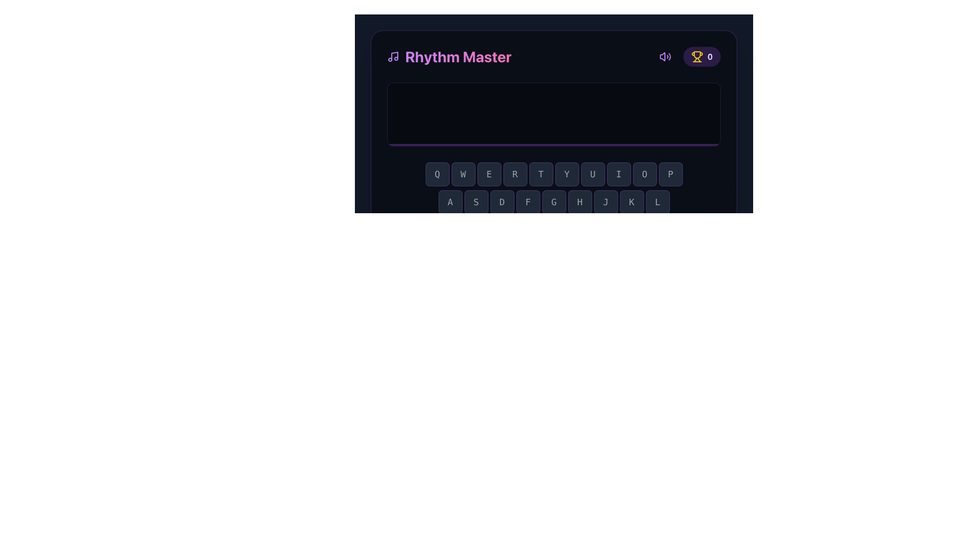 The image size is (957, 538). What do you see at coordinates (527, 202) in the screenshot?
I see `the 'F' letter key button, which is the fourth button in a sequence of nine buttons arranged horizontally` at bounding box center [527, 202].